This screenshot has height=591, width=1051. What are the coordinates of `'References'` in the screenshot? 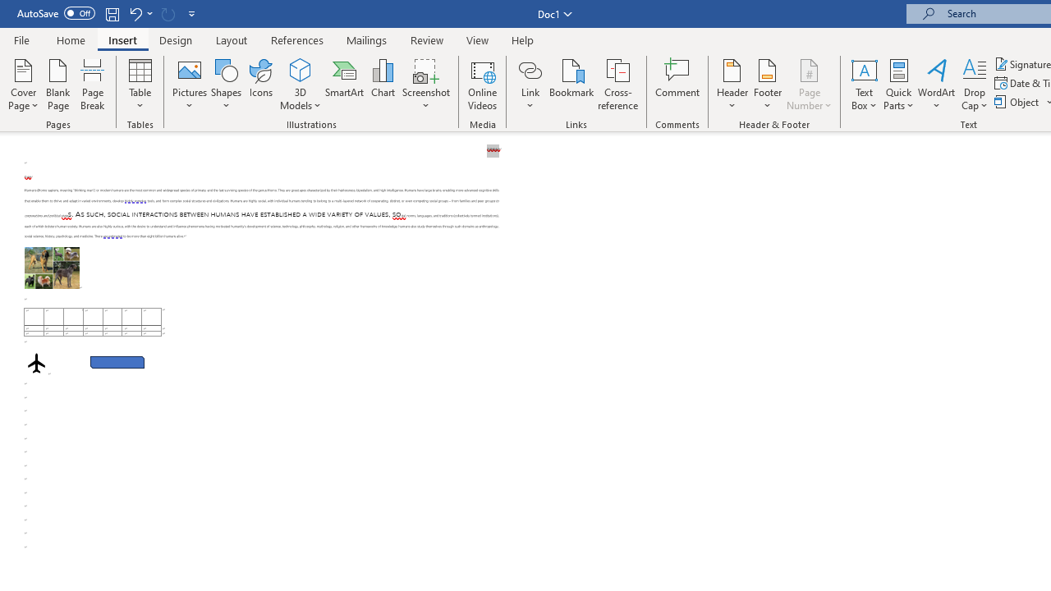 It's located at (297, 39).